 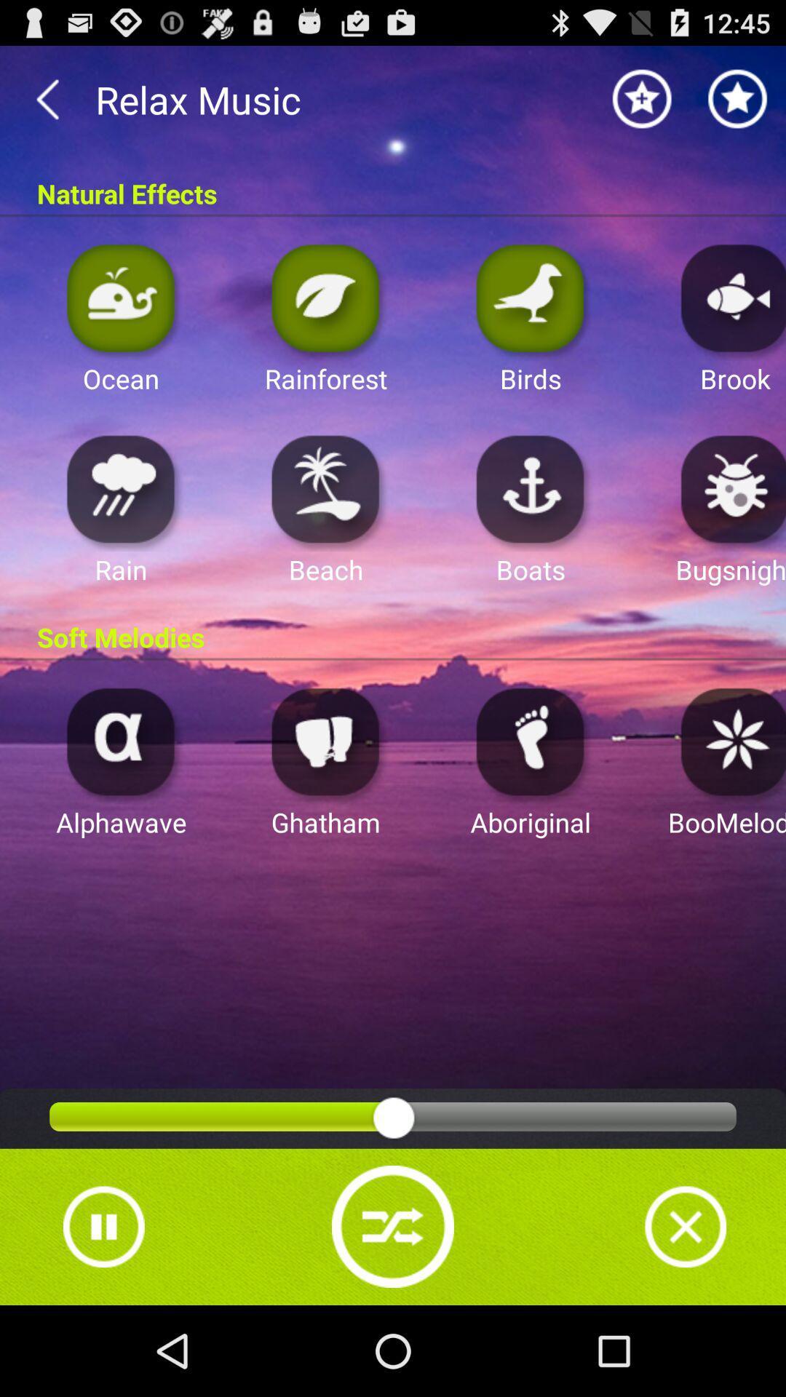 What do you see at coordinates (738, 98) in the screenshot?
I see `to mark it favorite` at bounding box center [738, 98].